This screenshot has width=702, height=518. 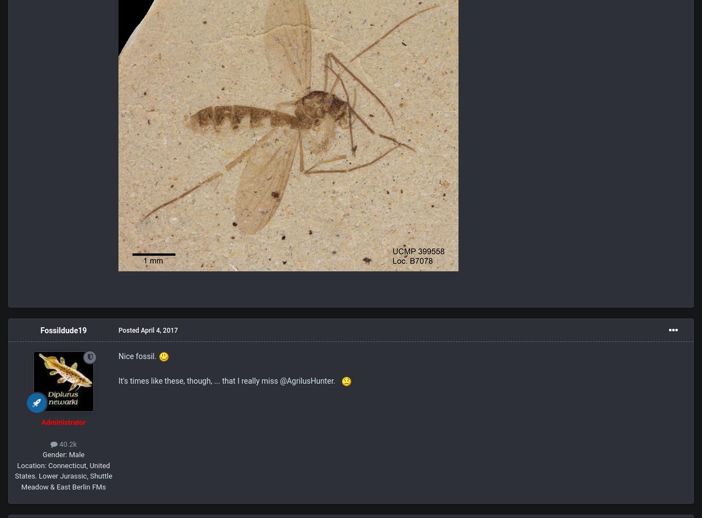 I want to click on 'Fossildude19', so click(x=63, y=331).